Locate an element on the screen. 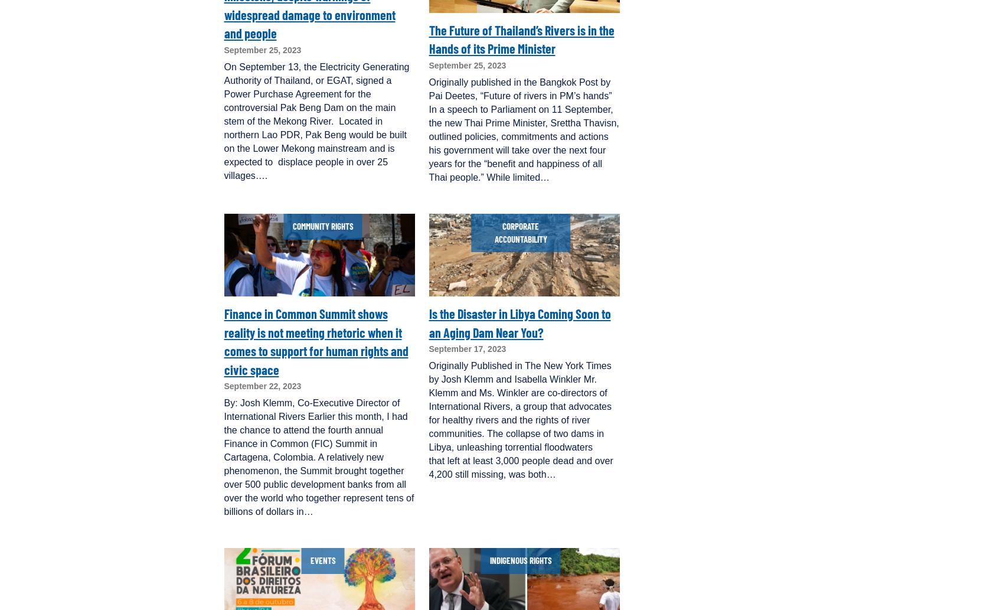  'On September 13, the Electricity Generating Authority of Thailand, or EGAT, signed a Power Purchase Agreement for the controversial Pak Beng Dam on the main stem of the Mekong River.  Located in northern Lao PDR, Pak Beng would be built on the Lower Mekong mainstream and is expected to  displace people in over 25 villages….' is located at coordinates (224, 120).